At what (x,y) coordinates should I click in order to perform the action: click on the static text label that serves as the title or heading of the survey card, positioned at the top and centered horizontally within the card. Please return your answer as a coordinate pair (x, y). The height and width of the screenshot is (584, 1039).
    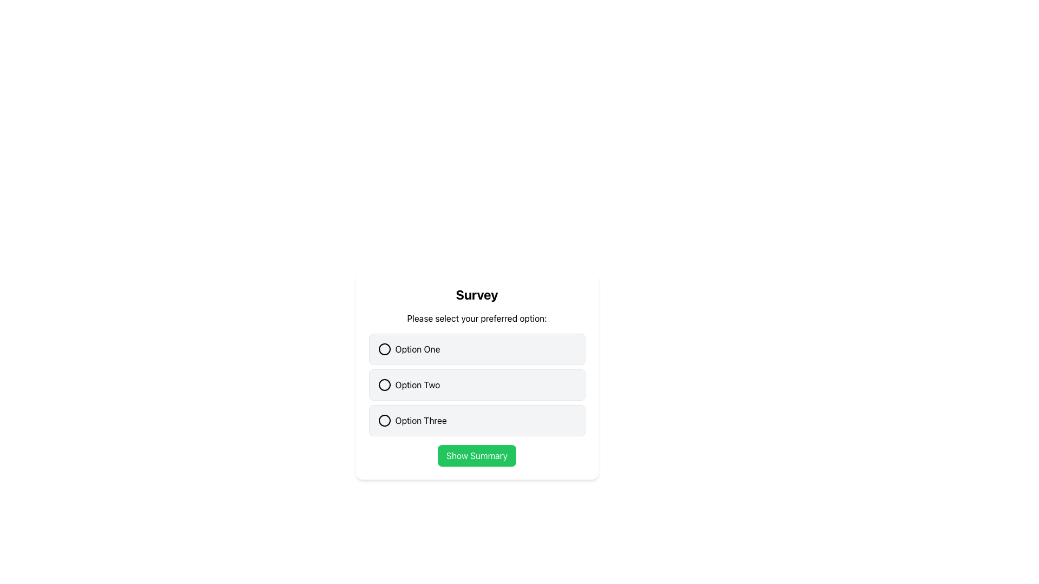
    Looking at the image, I should click on (476, 294).